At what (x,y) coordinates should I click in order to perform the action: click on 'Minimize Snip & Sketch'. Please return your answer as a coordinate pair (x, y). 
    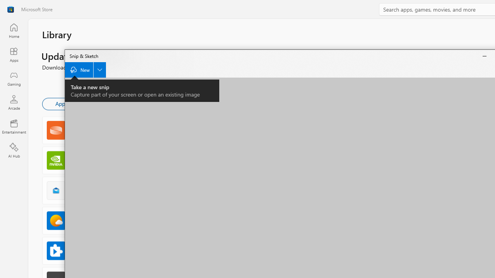
    Looking at the image, I should click on (484, 56).